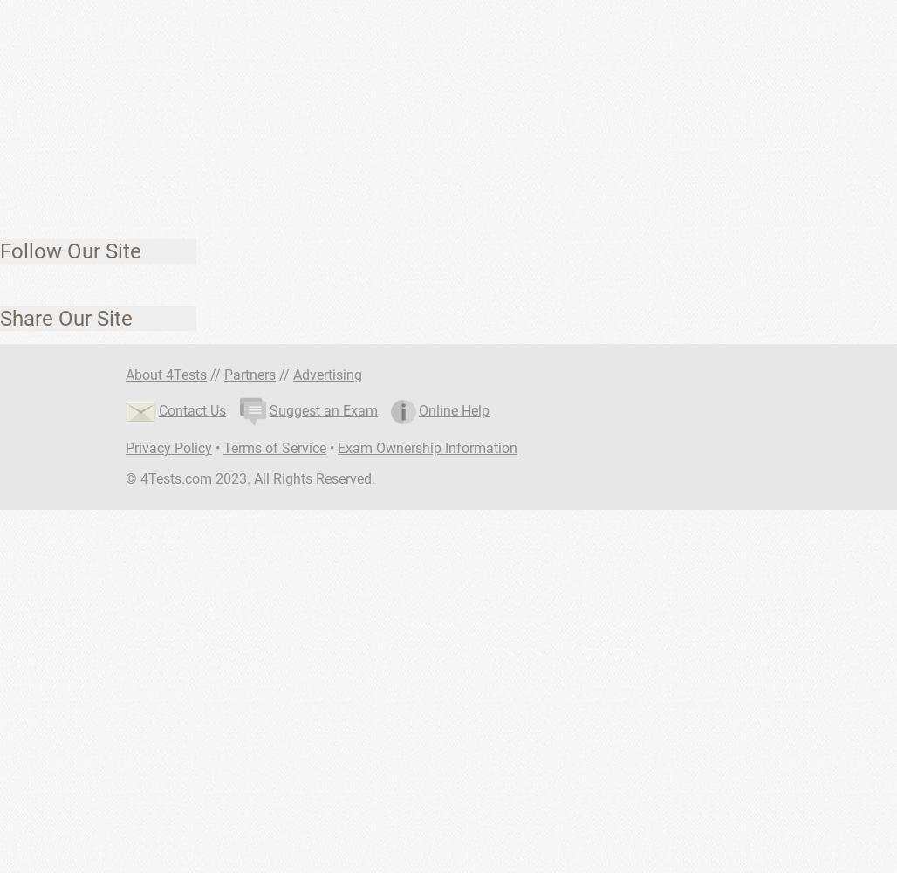 The width and height of the screenshot is (897, 873). Describe the element at coordinates (326, 375) in the screenshot. I see `'Advertising'` at that location.